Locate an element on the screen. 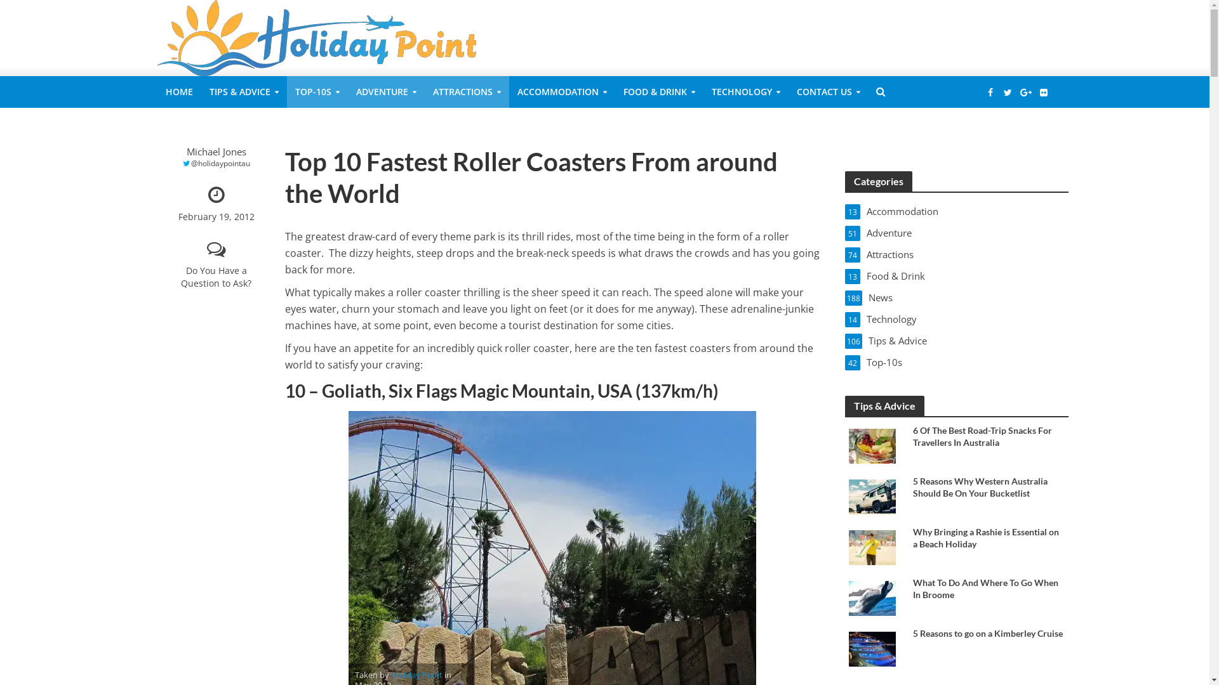  '@holidaypointau' is located at coordinates (216, 163).